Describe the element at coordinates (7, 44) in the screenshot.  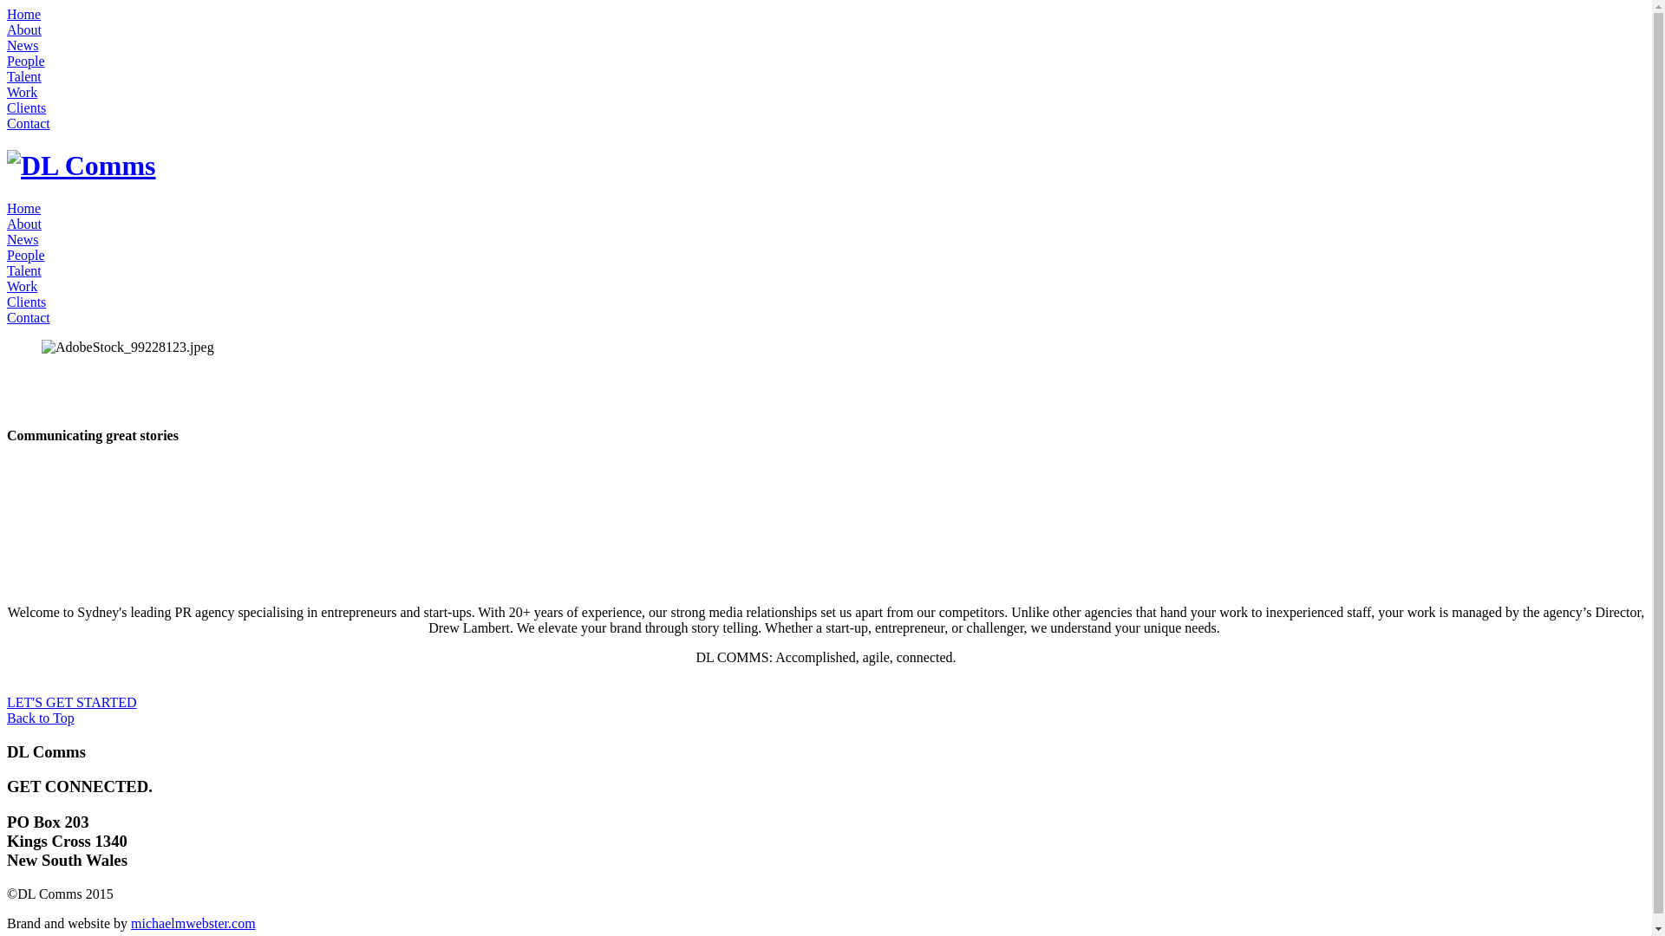
I see `'News'` at that location.